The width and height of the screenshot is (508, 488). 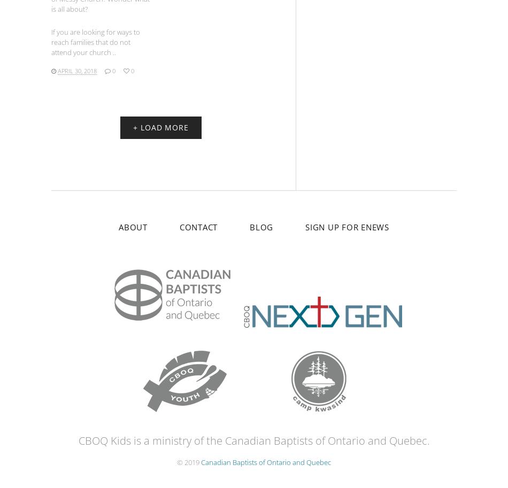 I want to click on 'If you are looking for ways to reach families that do not attend your church ..', so click(x=95, y=41).